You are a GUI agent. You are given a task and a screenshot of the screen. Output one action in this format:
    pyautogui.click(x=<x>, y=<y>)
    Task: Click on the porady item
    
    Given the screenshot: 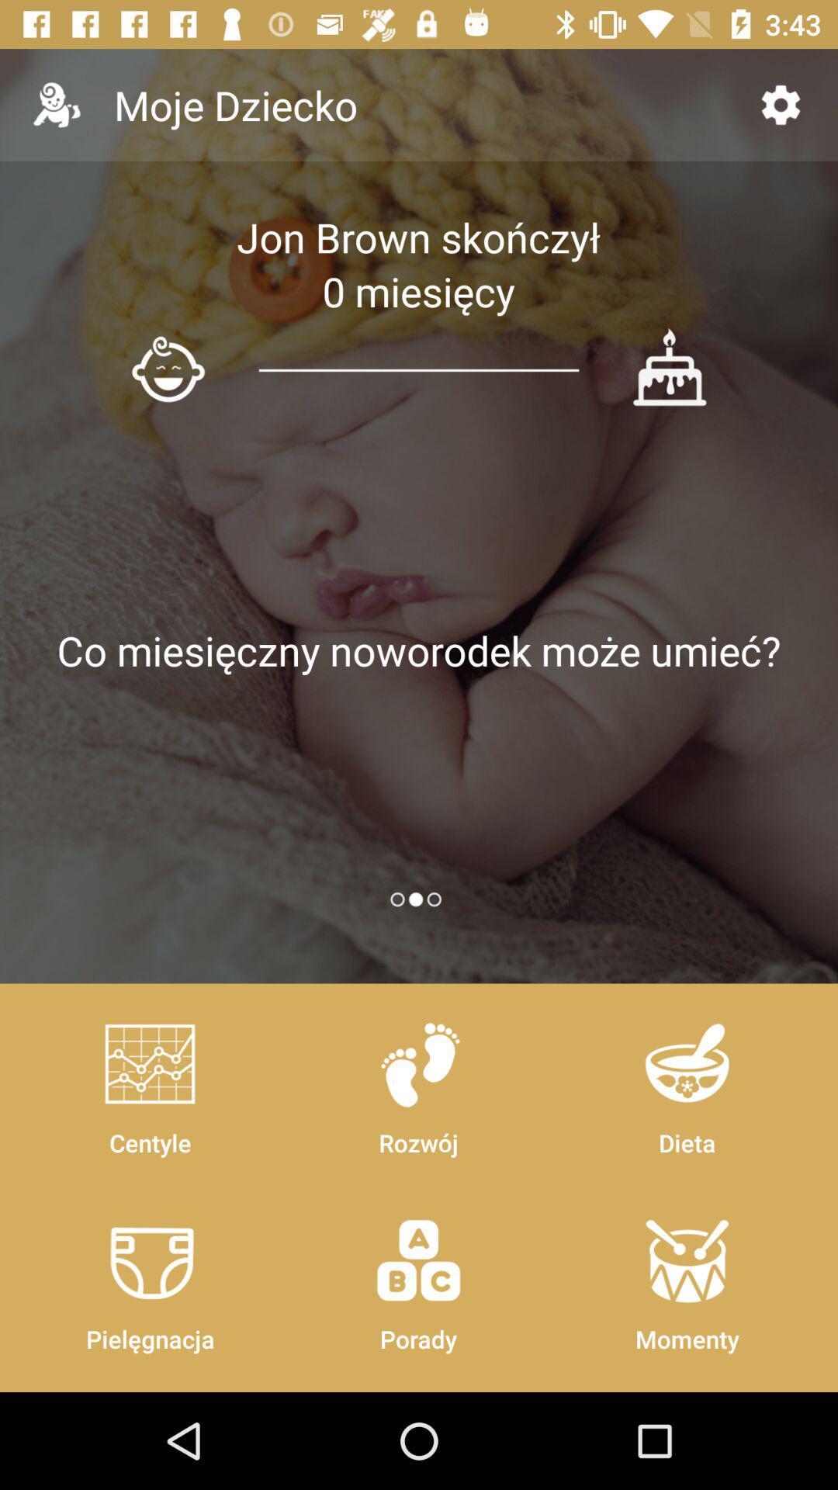 What is the action you would take?
    pyautogui.click(x=417, y=1277)
    